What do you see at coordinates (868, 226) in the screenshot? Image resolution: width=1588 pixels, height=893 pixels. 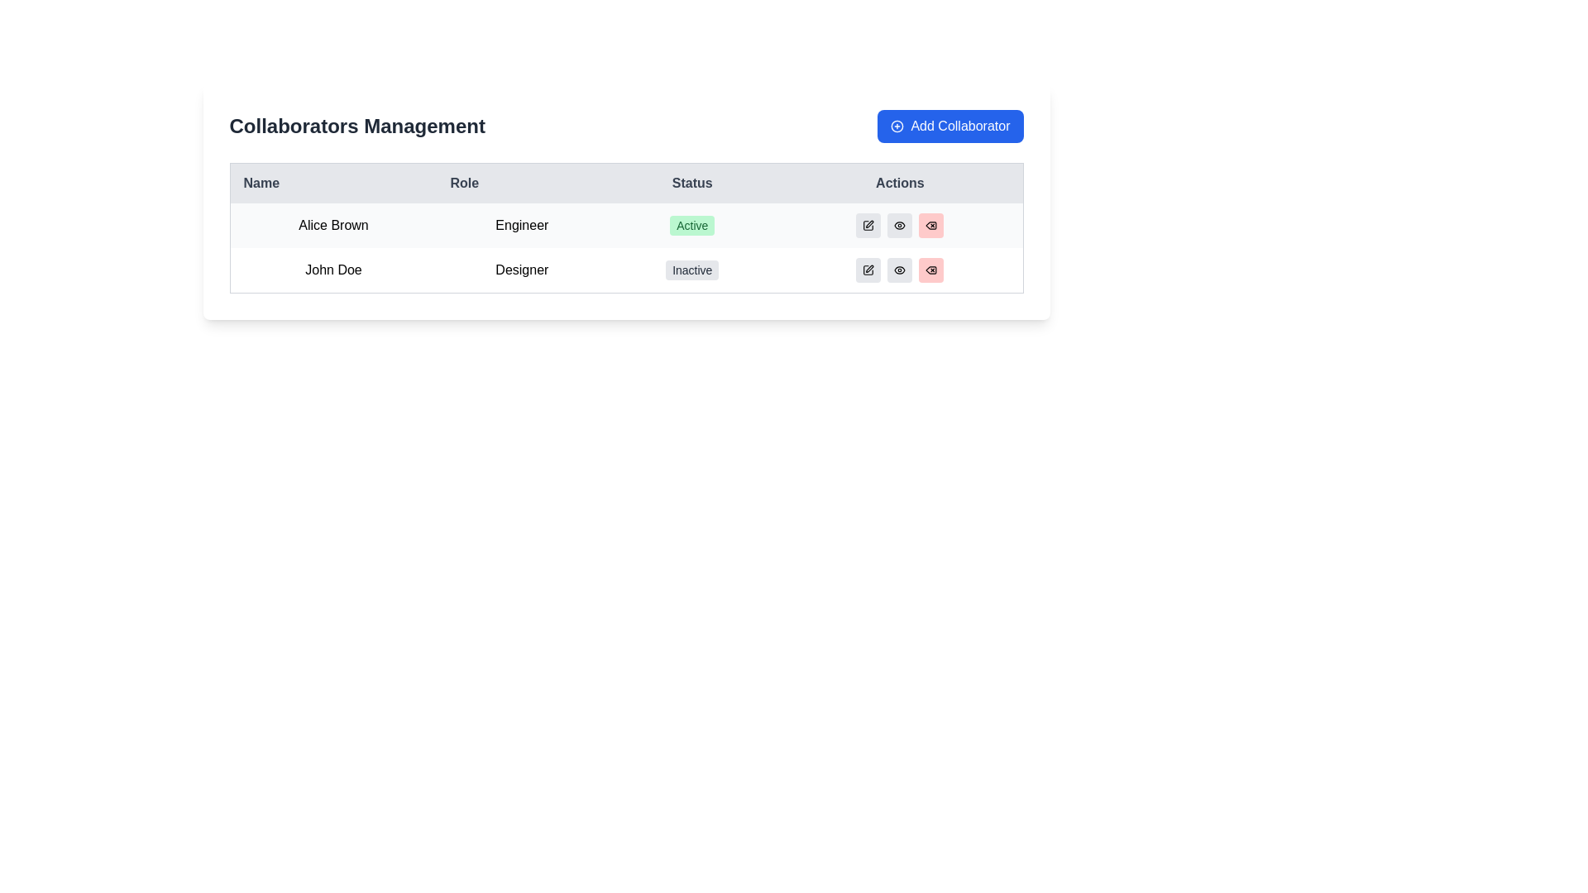 I see `the first action icon (SVG graphic) in the 'Actions' column of the first collaborator's row` at bounding box center [868, 226].